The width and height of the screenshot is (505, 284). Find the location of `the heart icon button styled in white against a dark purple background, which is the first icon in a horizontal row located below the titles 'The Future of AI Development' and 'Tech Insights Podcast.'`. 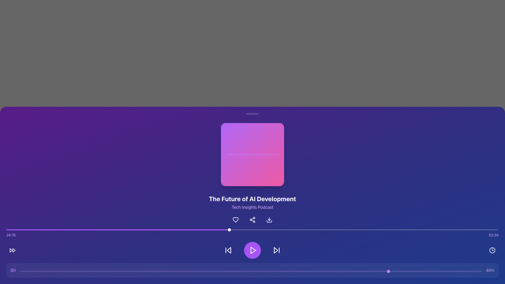

the heart icon button styled in white against a dark purple background, which is the first icon in a horizontal row located below the titles 'The Future of AI Development' and 'Tech Insights Podcast.' is located at coordinates (235, 220).